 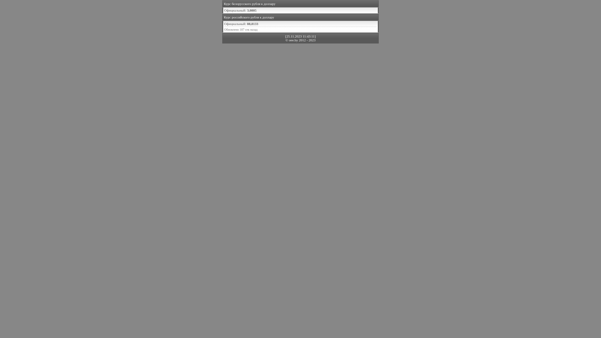 What do you see at coordinates (288, 40) in the screenshot?
I see `'oee.by'` at bounding box center [288, 40].